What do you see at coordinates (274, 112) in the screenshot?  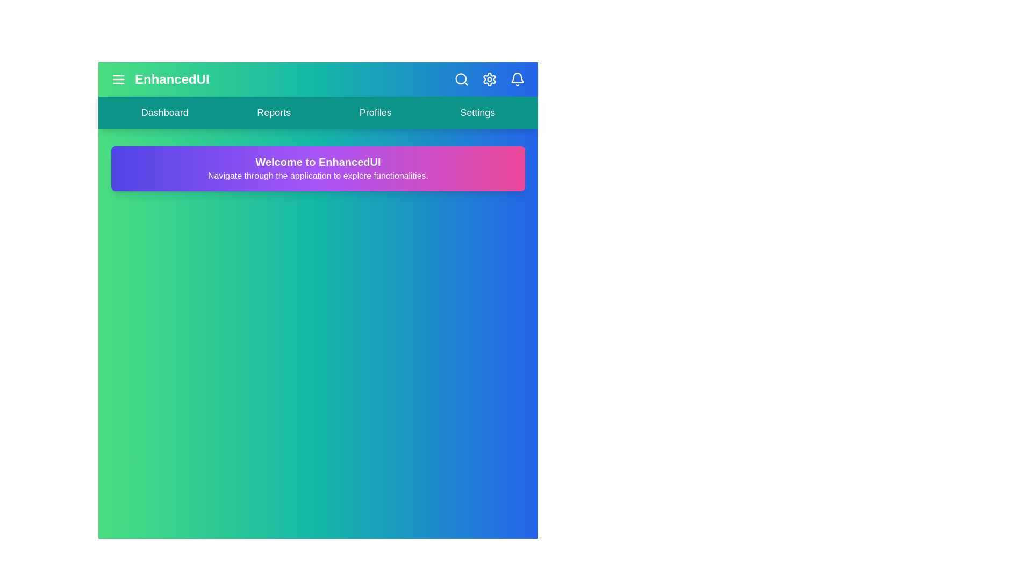 I see `the navigation link labeled 'Reports' to preview its hover effect` at bounding box center [274, 112].